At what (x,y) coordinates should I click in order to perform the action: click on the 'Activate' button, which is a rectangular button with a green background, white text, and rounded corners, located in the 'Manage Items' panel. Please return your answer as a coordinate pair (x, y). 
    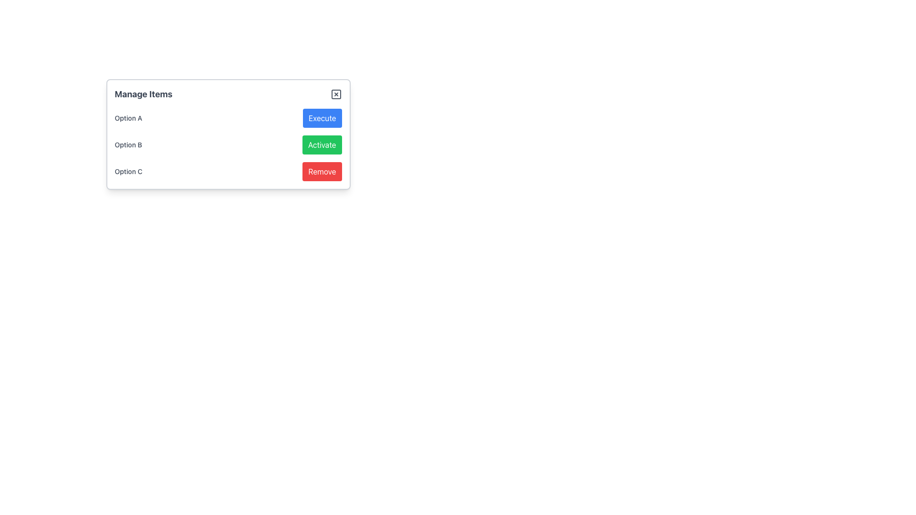
    Looking at the image, I should click on (322, 145).